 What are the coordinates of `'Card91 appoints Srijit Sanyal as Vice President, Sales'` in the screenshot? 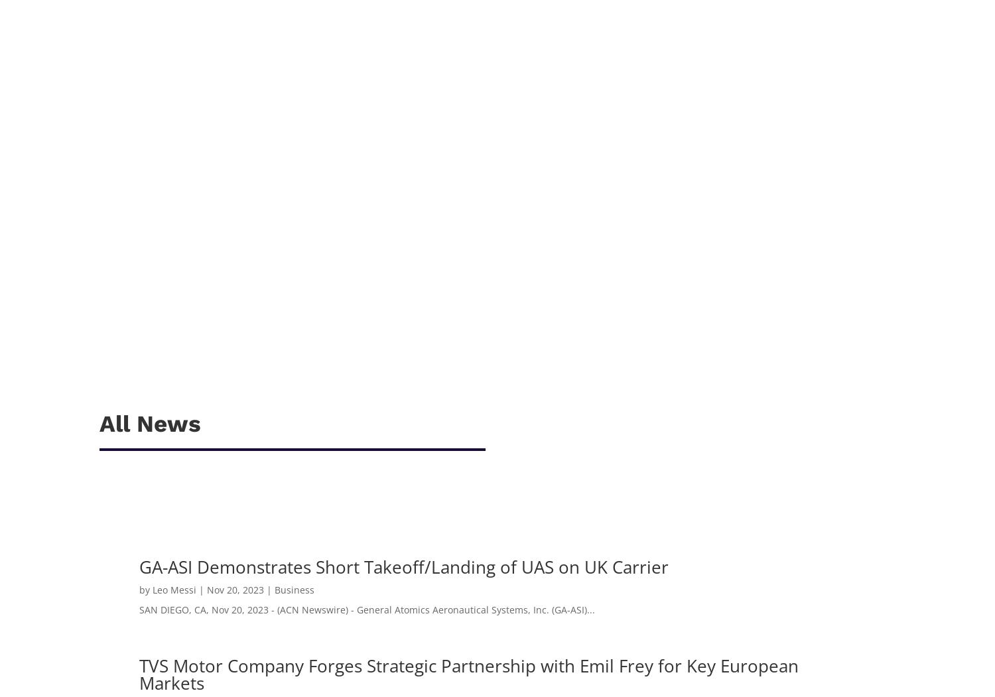 It's located at (113, 198).